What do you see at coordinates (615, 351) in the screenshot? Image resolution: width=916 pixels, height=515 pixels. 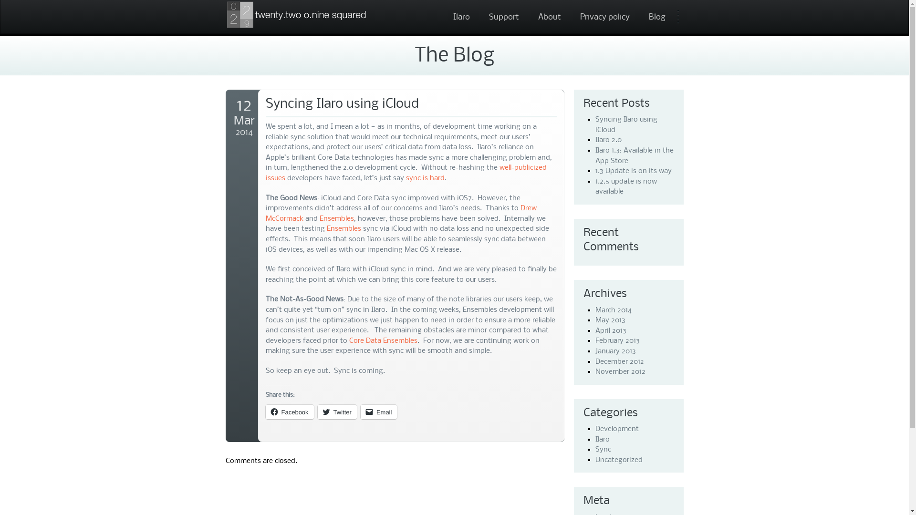 I see `'January 2013'` at bounding box center [615, 351].